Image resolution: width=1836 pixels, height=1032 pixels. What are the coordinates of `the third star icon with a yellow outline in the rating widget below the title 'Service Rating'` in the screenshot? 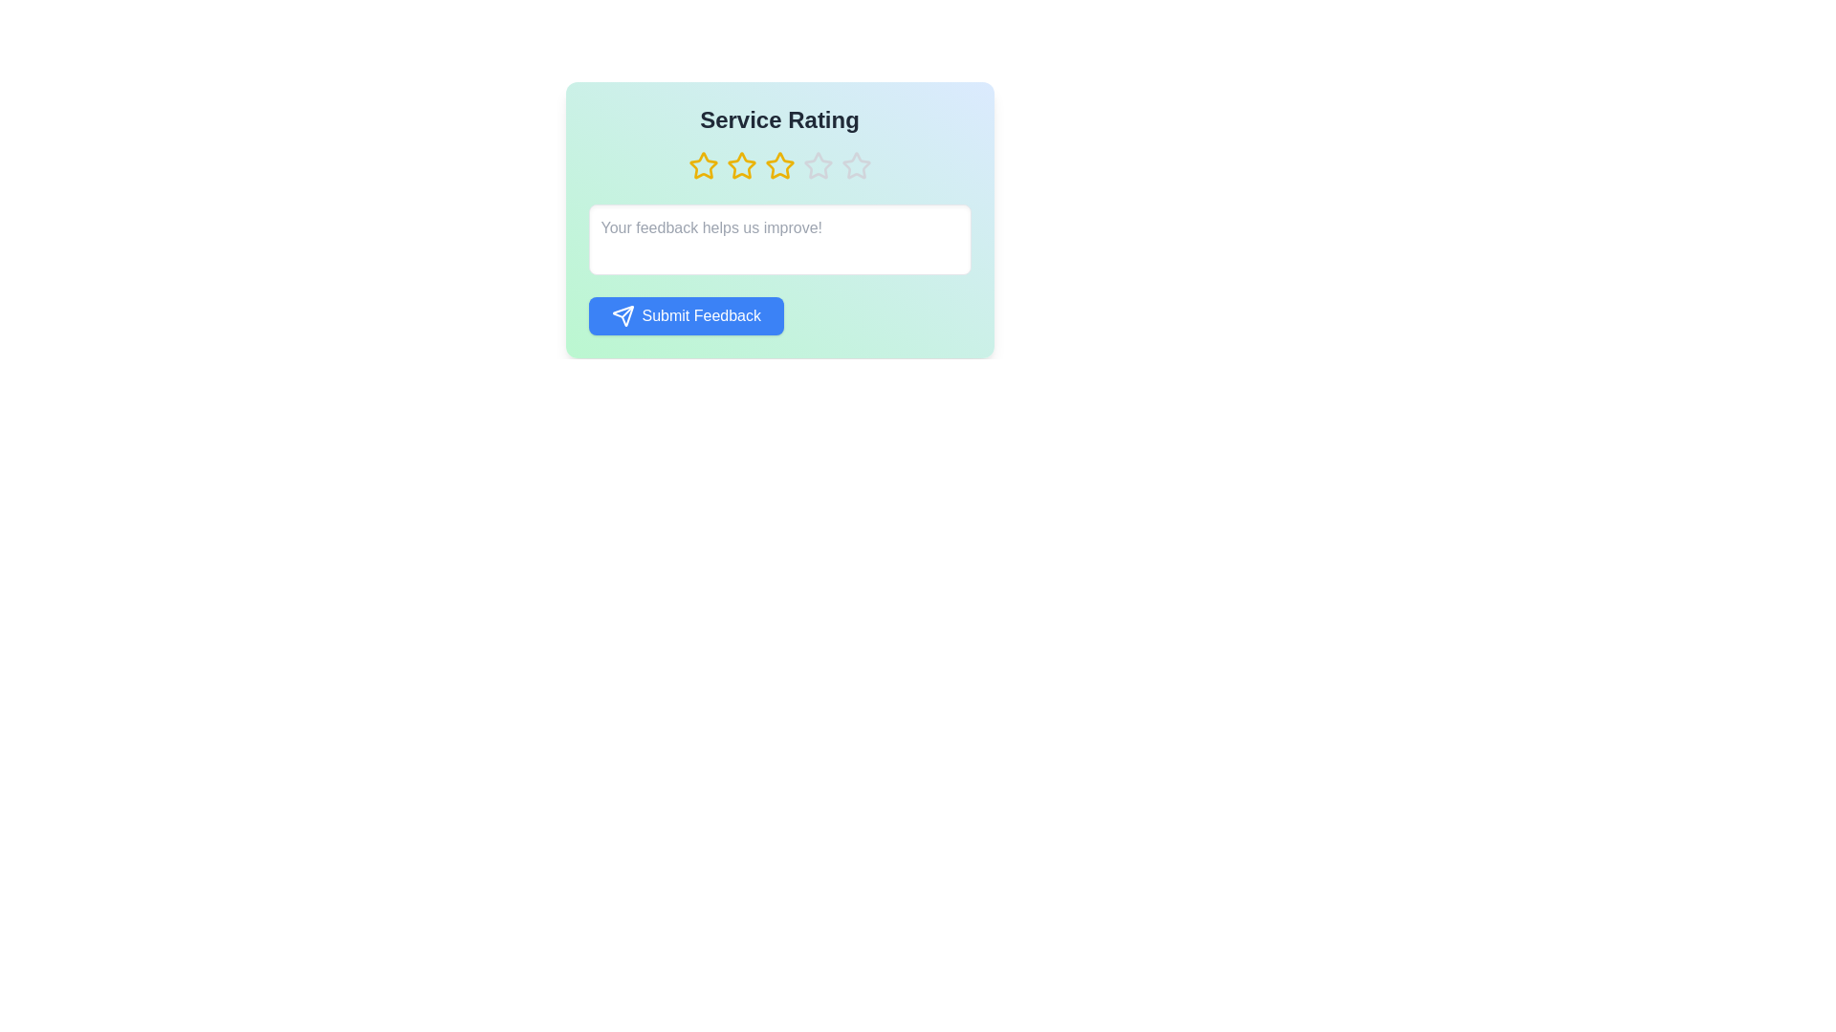 It's located at (740, 164).